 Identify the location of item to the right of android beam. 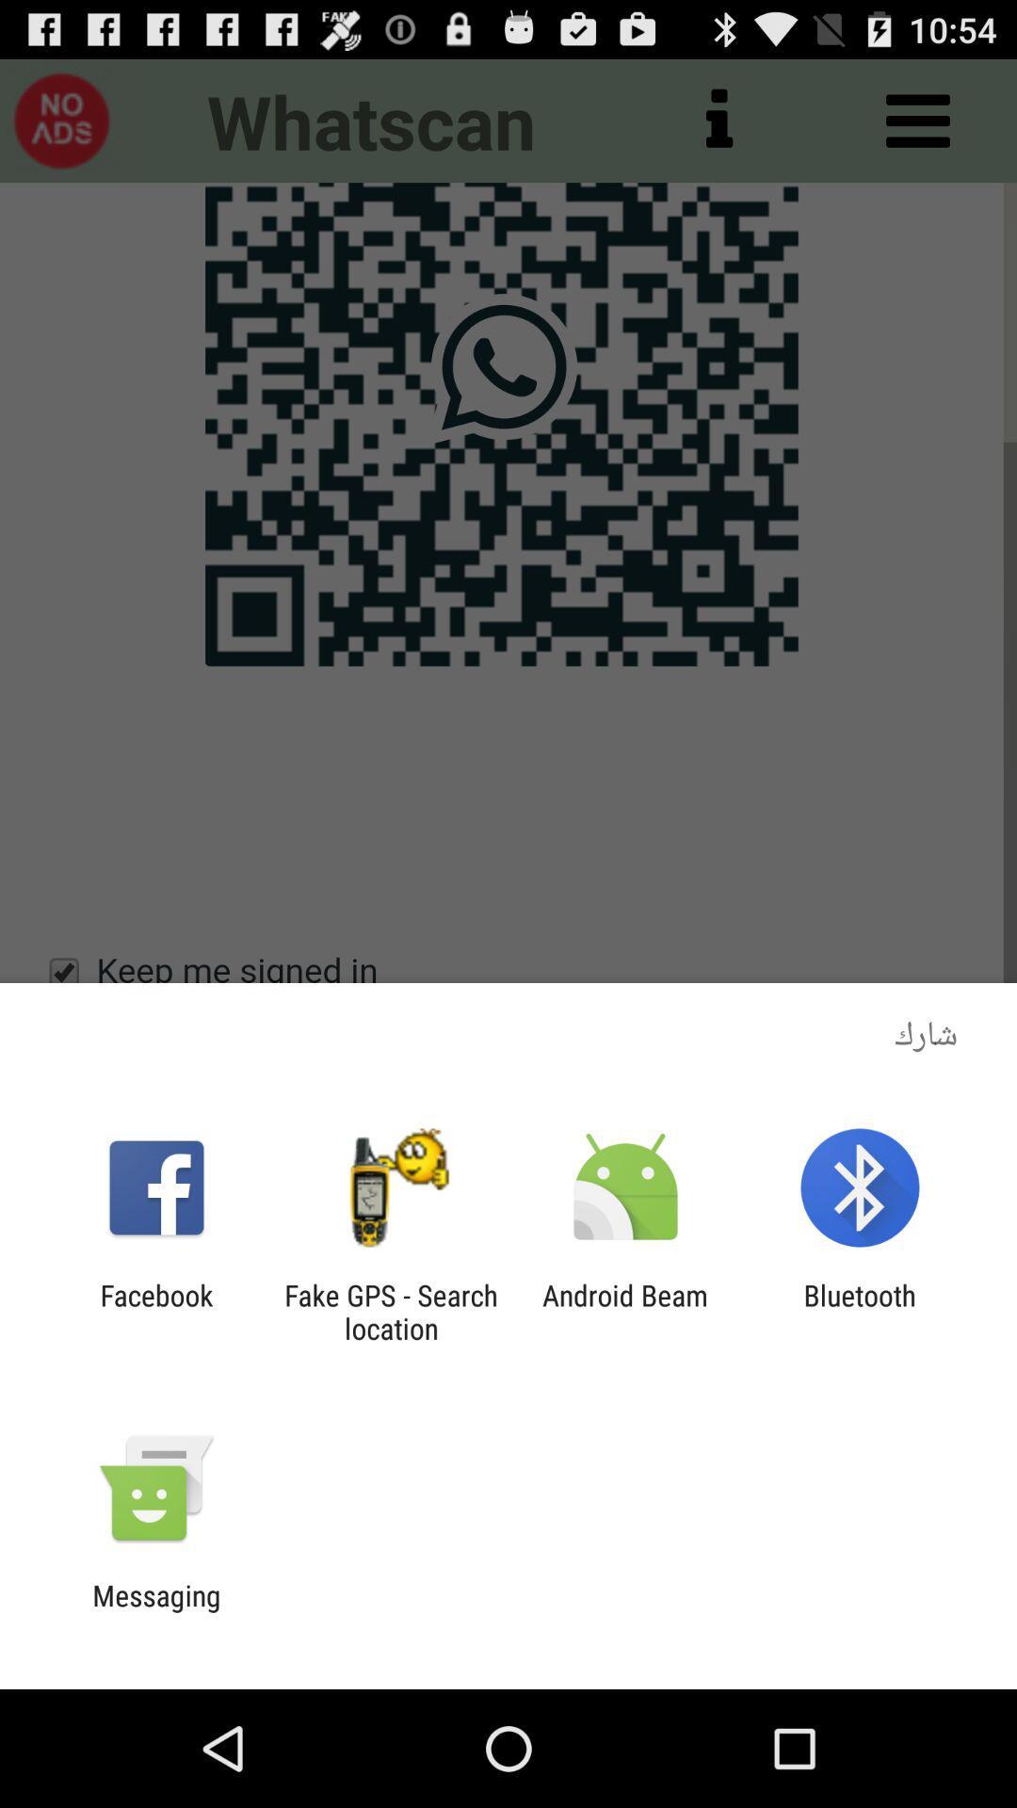
(860, 1311).